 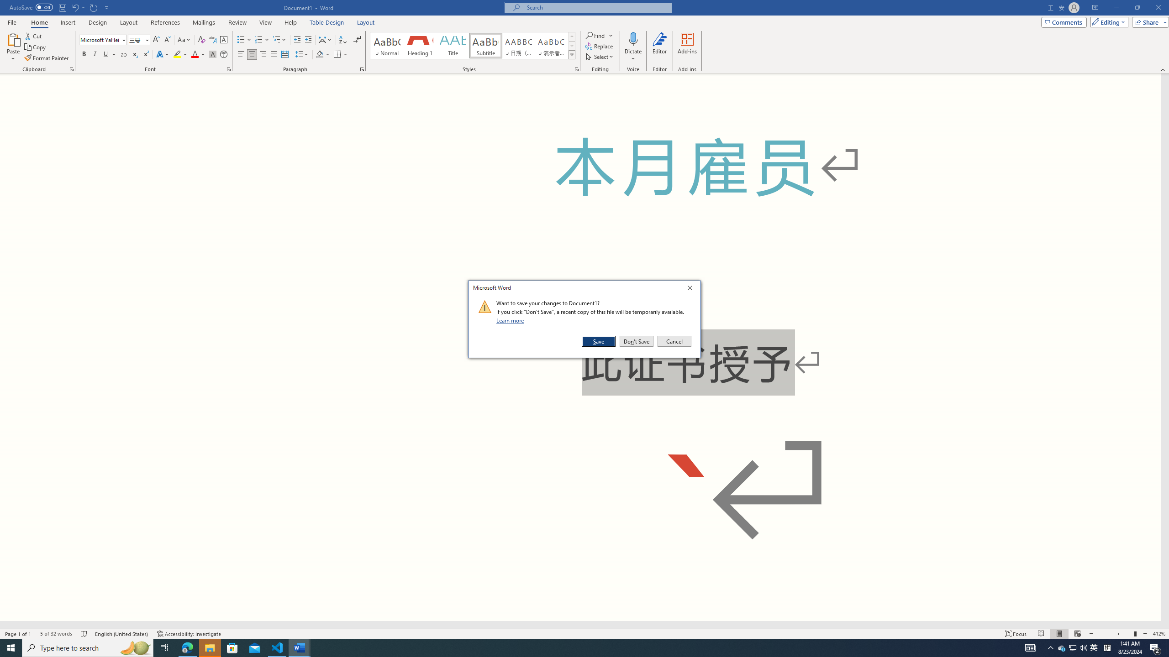 What do you see at coordinates (184, 40) in the screenshot?
I see `'Change Case'` at bounding box center [184, 40].